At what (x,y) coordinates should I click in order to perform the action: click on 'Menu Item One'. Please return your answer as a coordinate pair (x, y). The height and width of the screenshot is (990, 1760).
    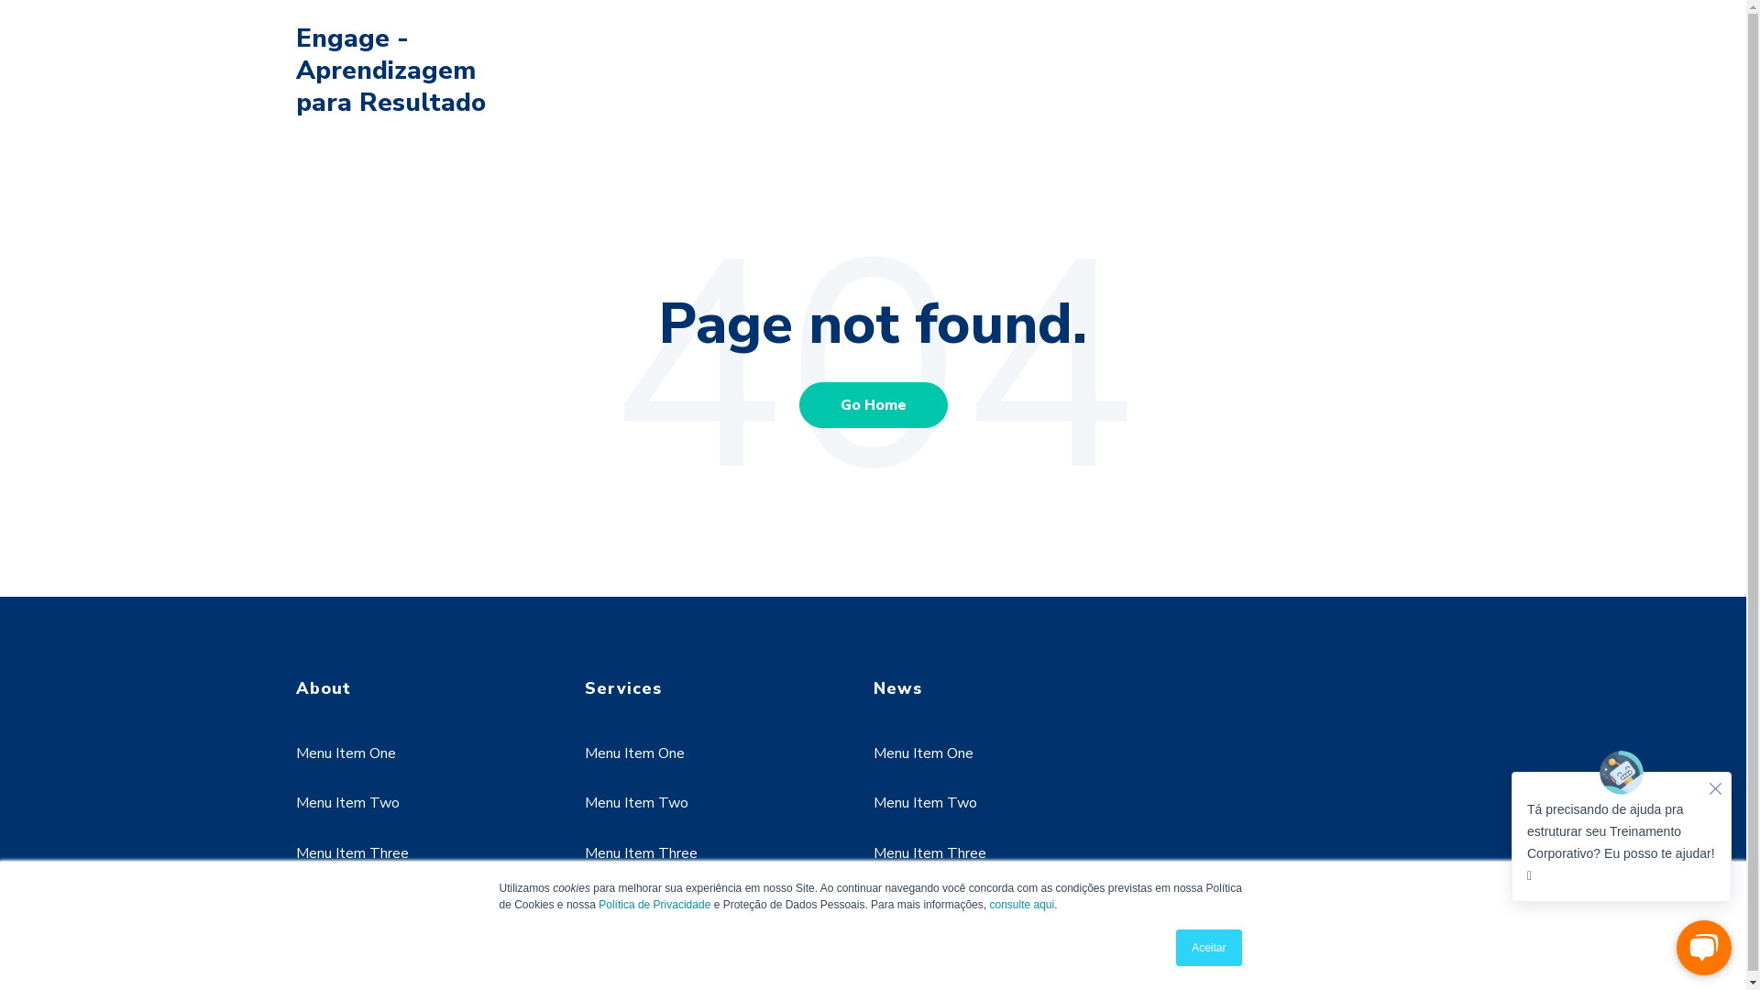
    Looking at the image, I should click on (922, 753).